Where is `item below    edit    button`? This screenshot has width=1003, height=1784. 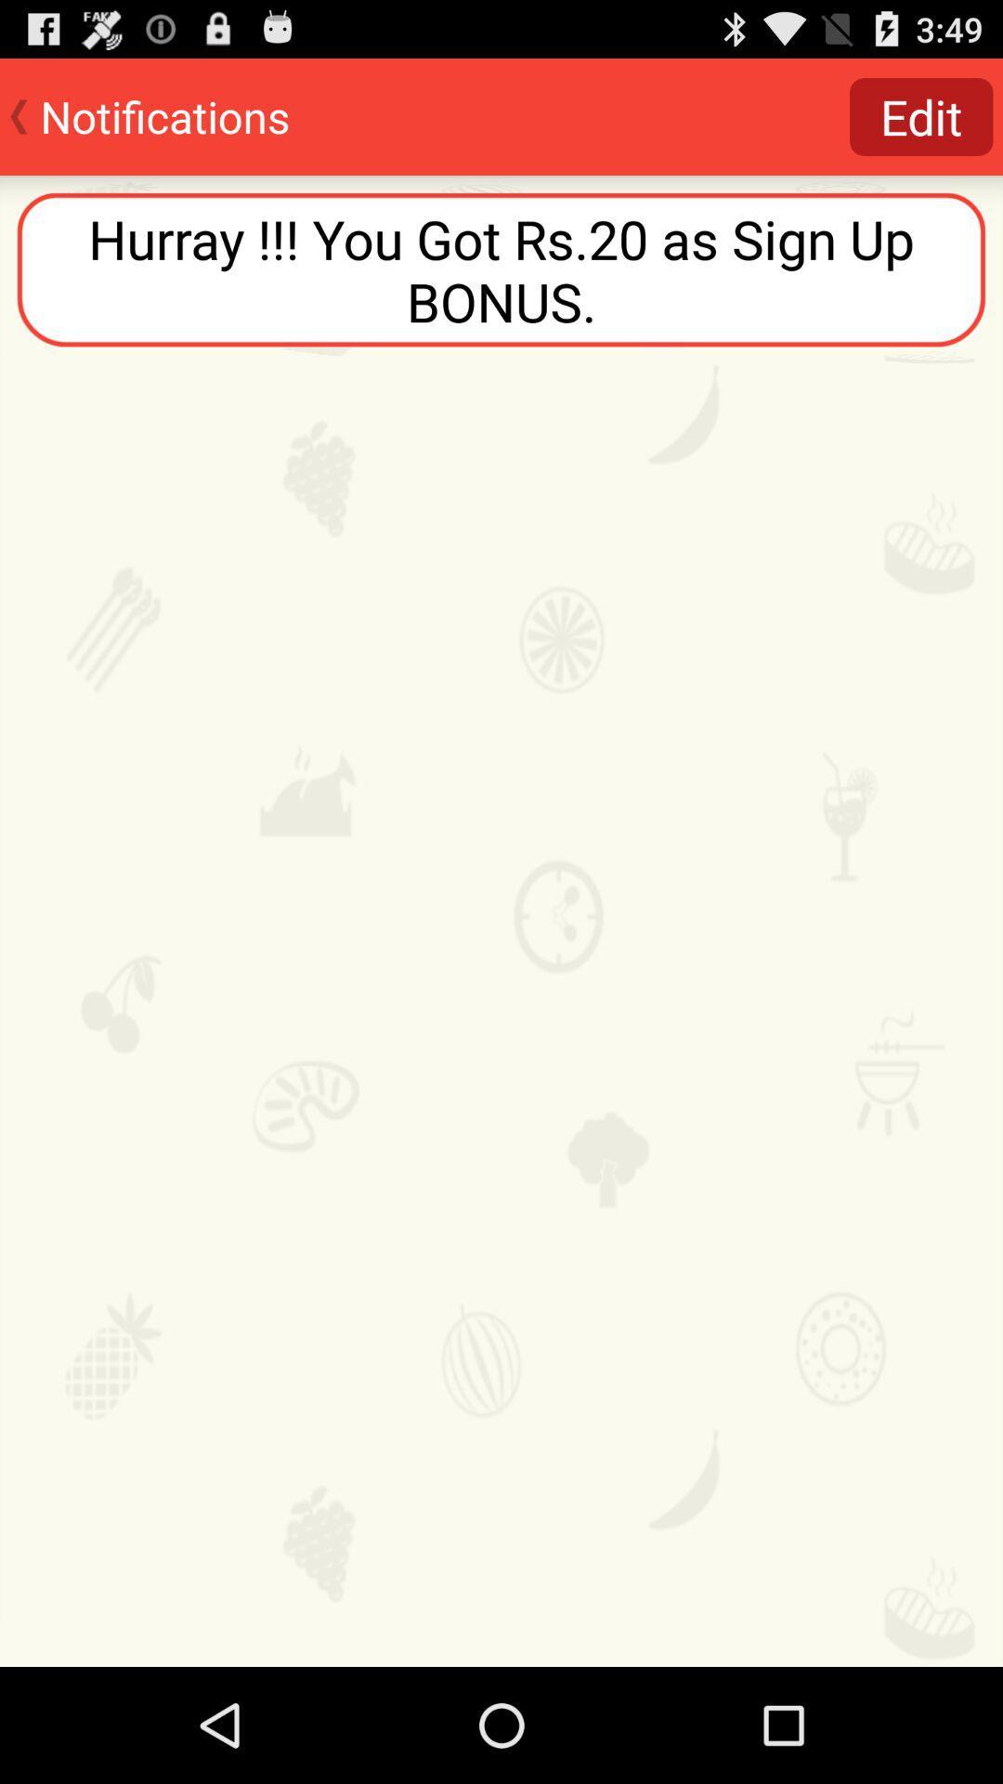
item below    edit    button is located at coordinates (501, 269).